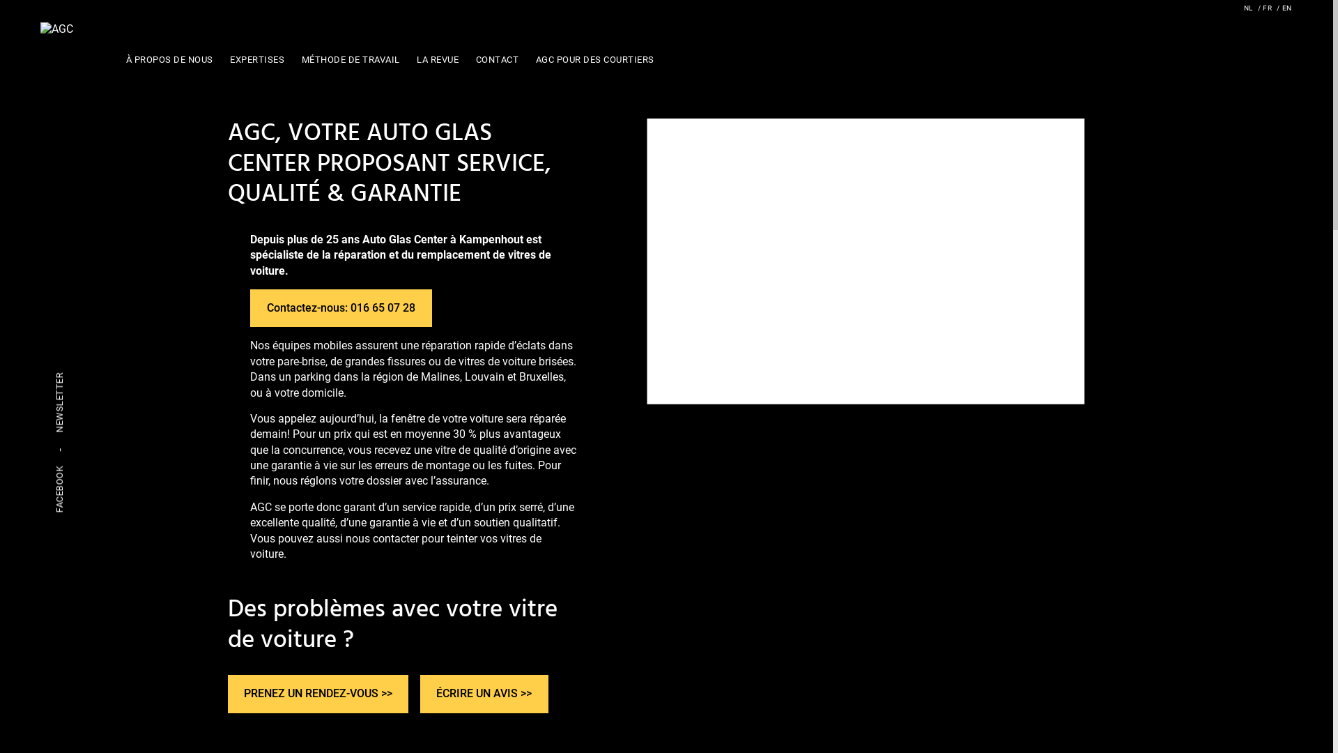 This screenshot has width=1338, height=753. Describe the element at coordinates (530, 58) in the screenshot. I see `'AGC POUR DES COURTIERS'` at that location.